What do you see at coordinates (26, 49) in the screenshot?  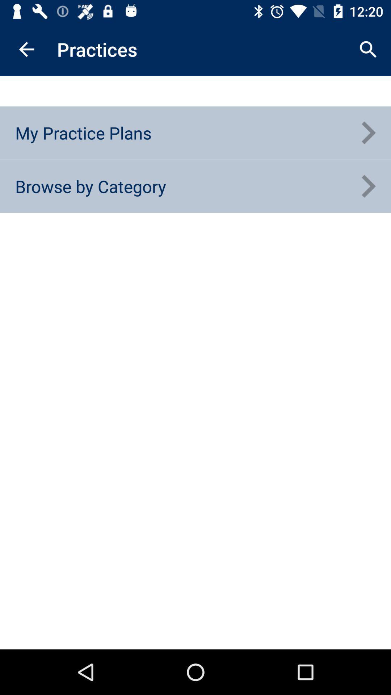 I see `the item to the left of the practices item` at bounding box center [26, 49].